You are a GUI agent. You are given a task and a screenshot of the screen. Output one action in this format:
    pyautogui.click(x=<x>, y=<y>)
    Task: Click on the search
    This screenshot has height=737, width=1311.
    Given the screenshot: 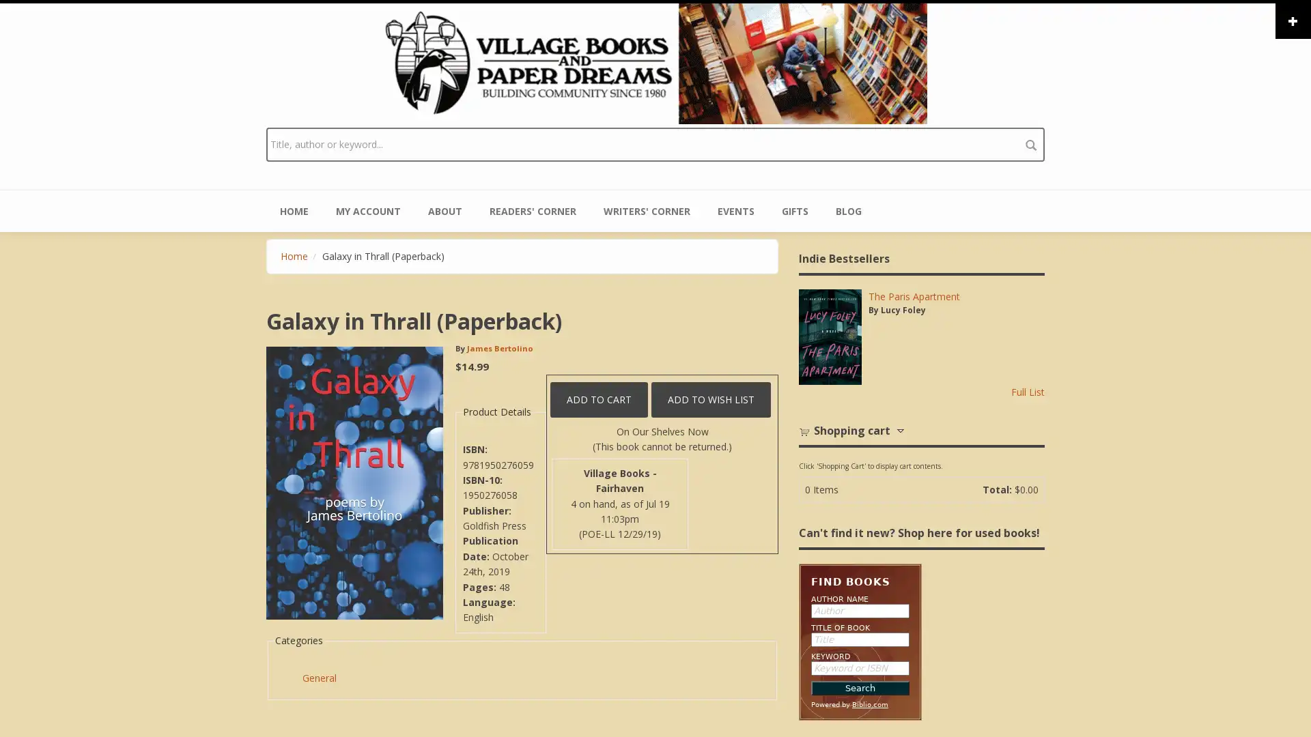 What is the action you would take?
    pyautogui.click(x=1031, y=145)
    